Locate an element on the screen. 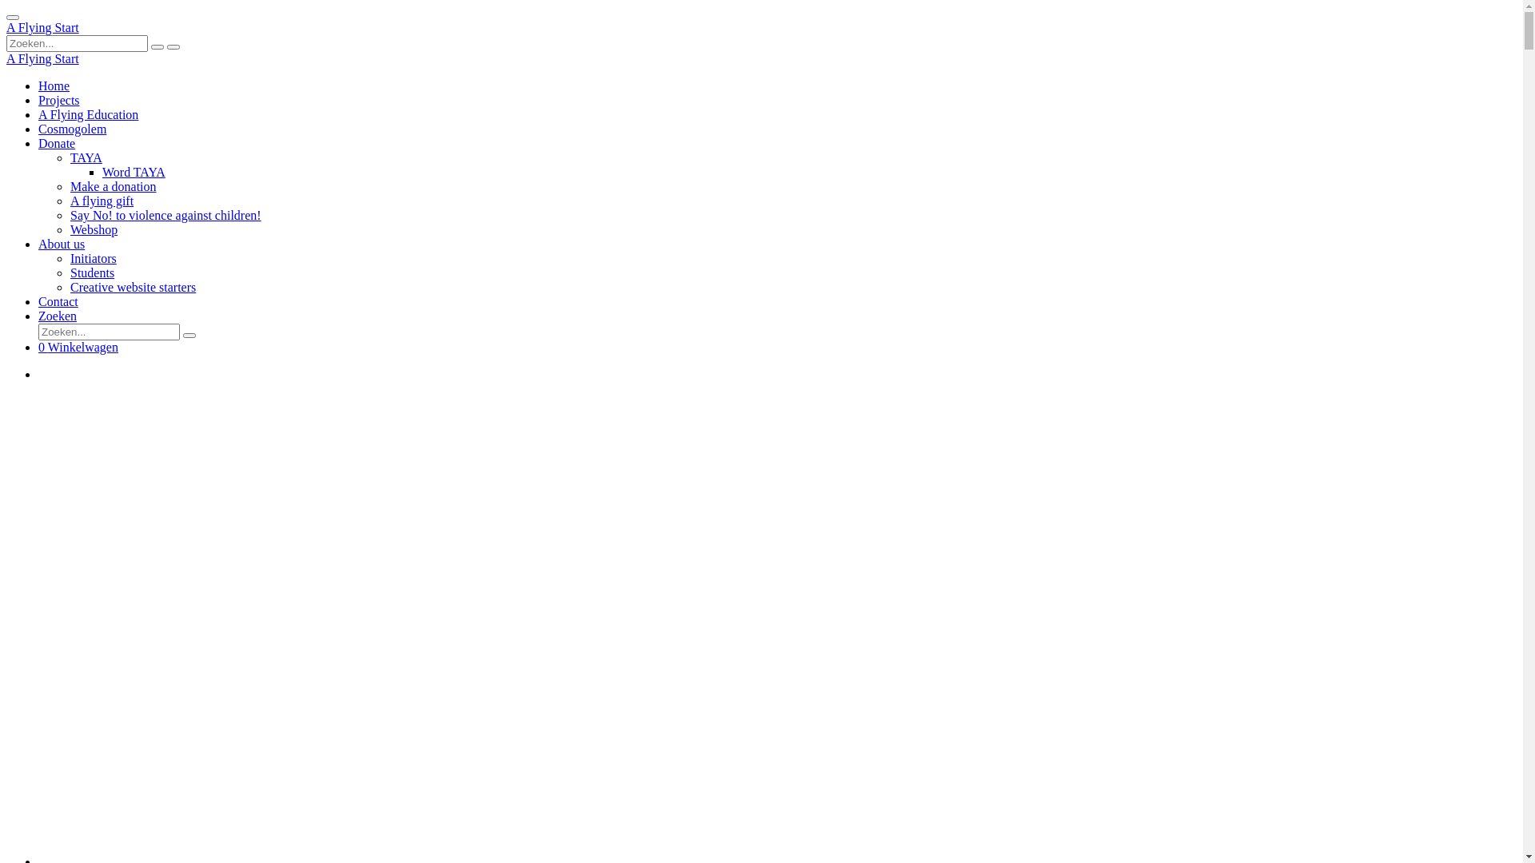 The width and height of the screenshot is (1535, 863). 'Zoeken' is located at coordinates (58, 316).